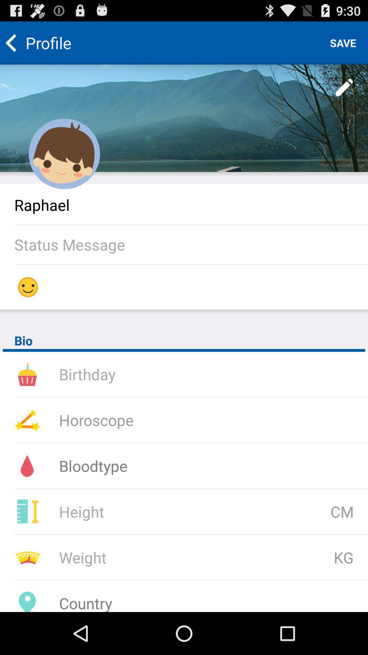  I want to click on annotation, so click(344, 87).